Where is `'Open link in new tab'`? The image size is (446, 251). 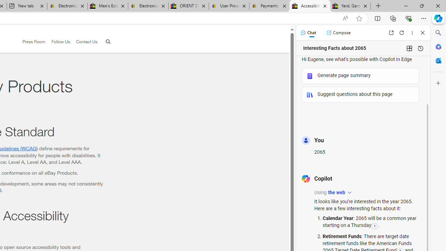 'Open link in new tab' is located at coordinates (391, 32).